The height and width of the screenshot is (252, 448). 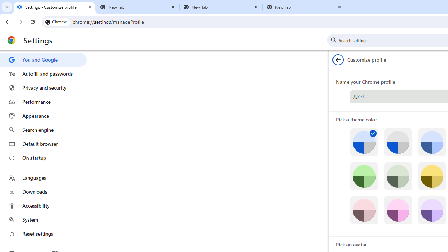 I want to click on 'Accessibility', so click(x=43, y=205).